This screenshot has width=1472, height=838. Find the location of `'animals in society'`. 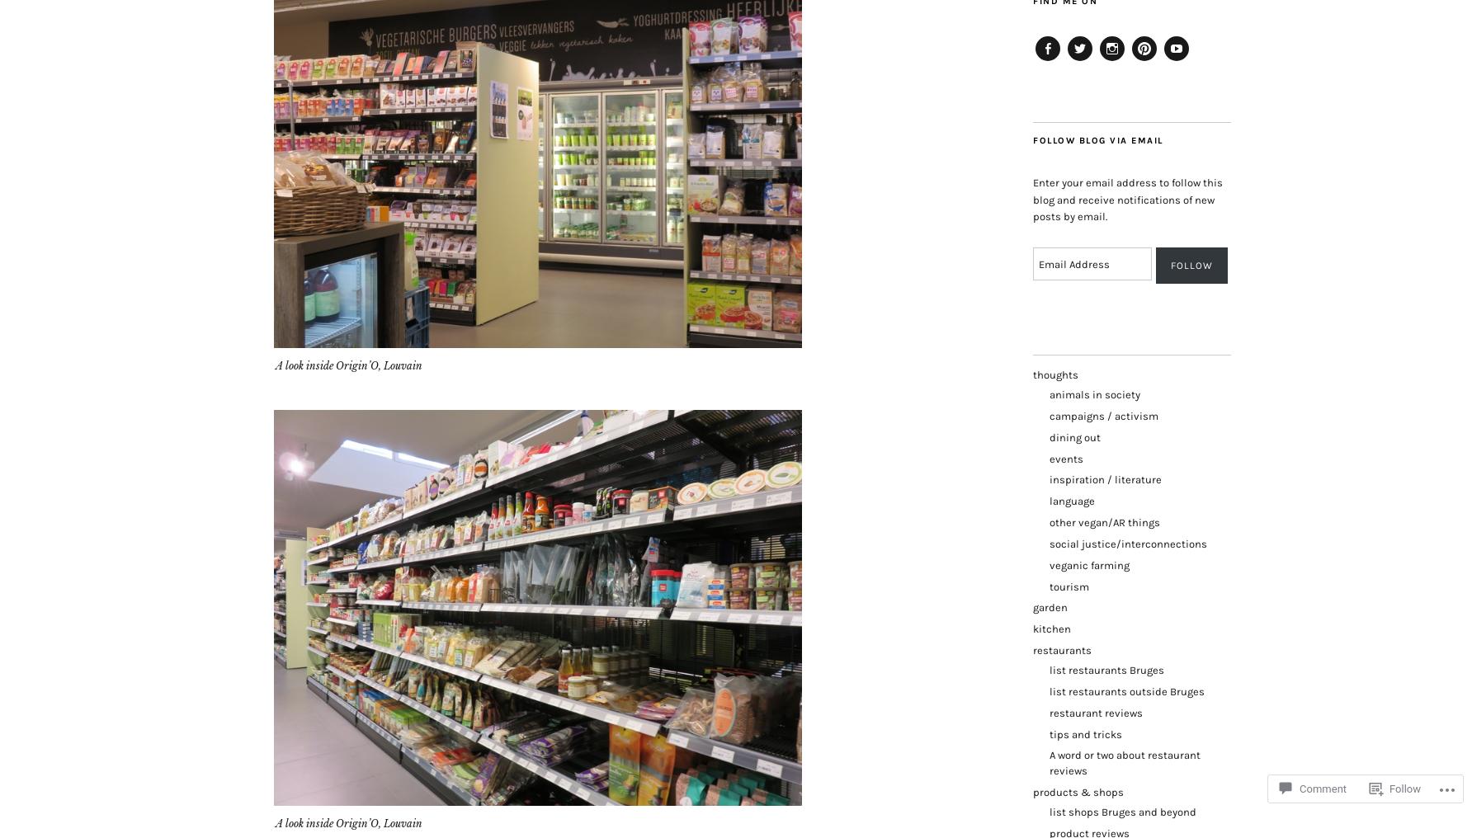

'animals in society' is located at coordinates (1093, 394).